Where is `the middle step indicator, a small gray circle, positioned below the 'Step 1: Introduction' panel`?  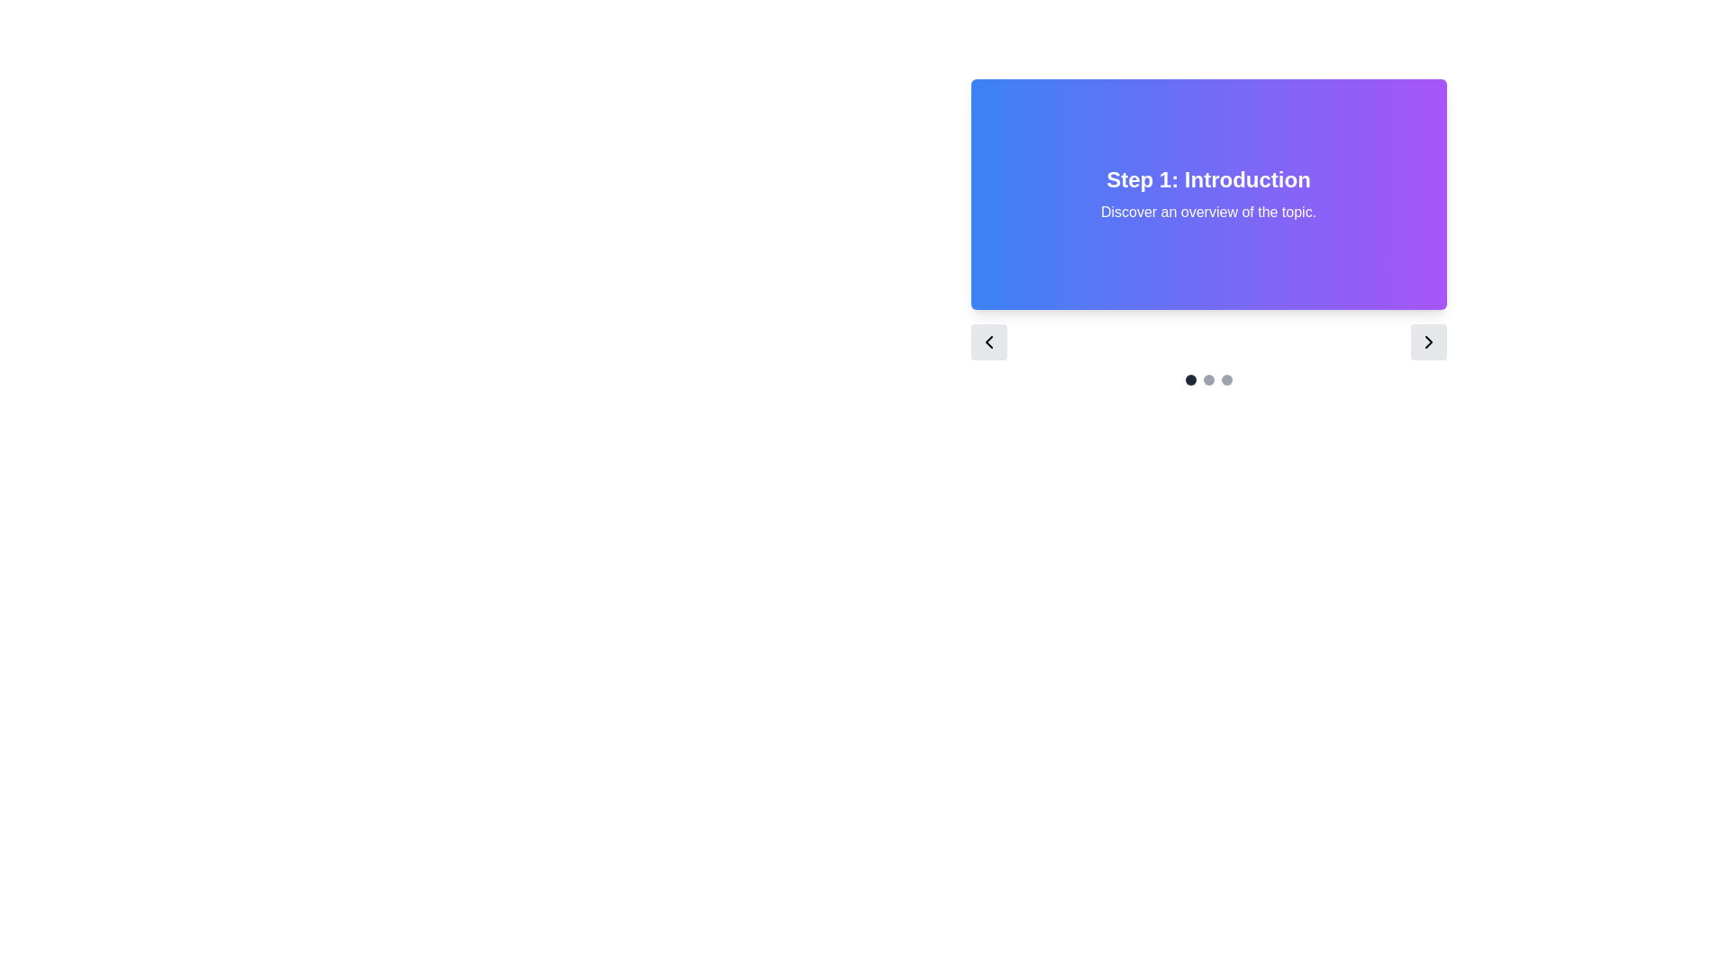 the middle step indicator, a small gray circle, positioned below the 'Step 1: Introduction' panel is located at coordinates (1208, 378).